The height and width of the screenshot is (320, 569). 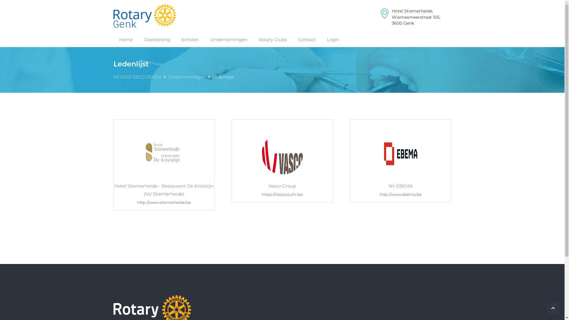 What do you see at coordinates (282, 194) in the screenshot?
I see `'https://vasco.eu/nl-be'` at bounding box center [282, 194].